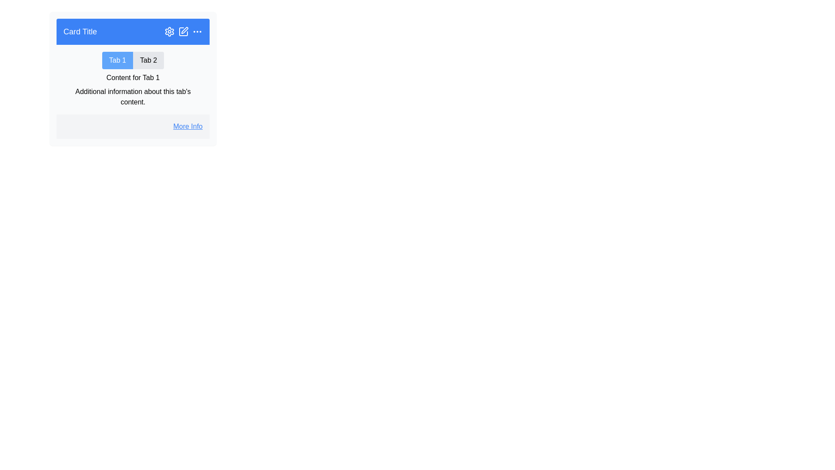 The height and width of the screenshot is (470, 835). Describe the element at coordinates (183, 31) in the screenshot. I see `the edit icon, which is a pen inside a square boundary located in the top-right section of the blue header bar of the card component` at that location.